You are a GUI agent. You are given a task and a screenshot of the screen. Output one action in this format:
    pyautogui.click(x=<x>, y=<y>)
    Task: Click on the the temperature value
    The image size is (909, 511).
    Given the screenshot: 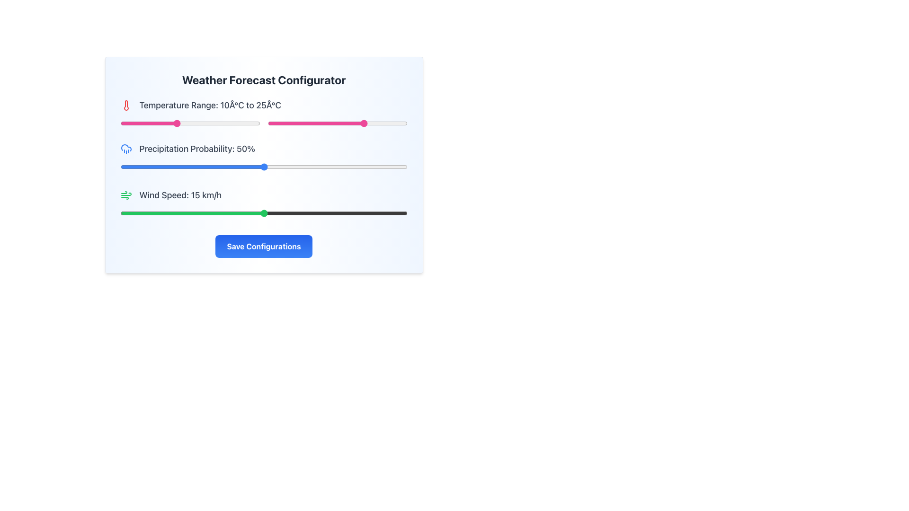 What is the action you would take?
    pyautogui.click(x=321, y=123)
    